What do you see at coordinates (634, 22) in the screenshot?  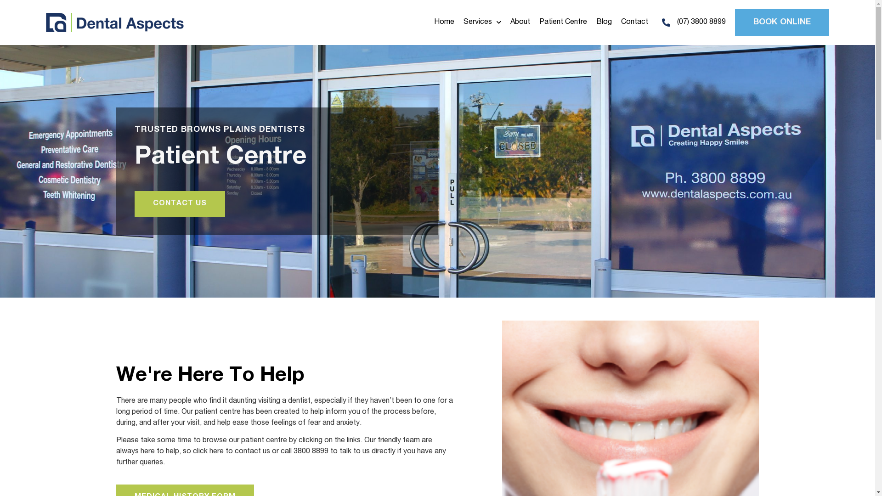 I see `'Contact'` at bounding box center [634, 22].